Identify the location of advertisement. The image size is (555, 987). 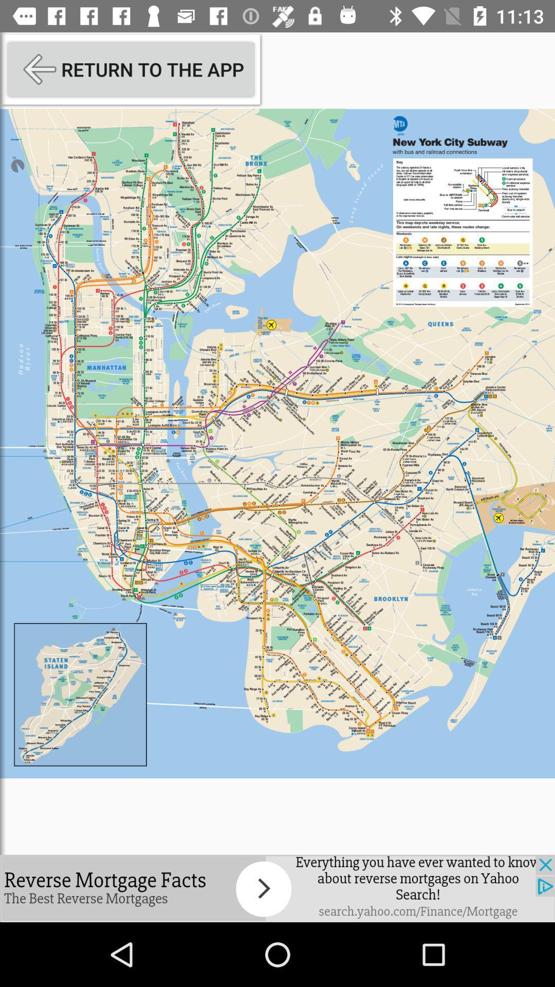
(277, 888).